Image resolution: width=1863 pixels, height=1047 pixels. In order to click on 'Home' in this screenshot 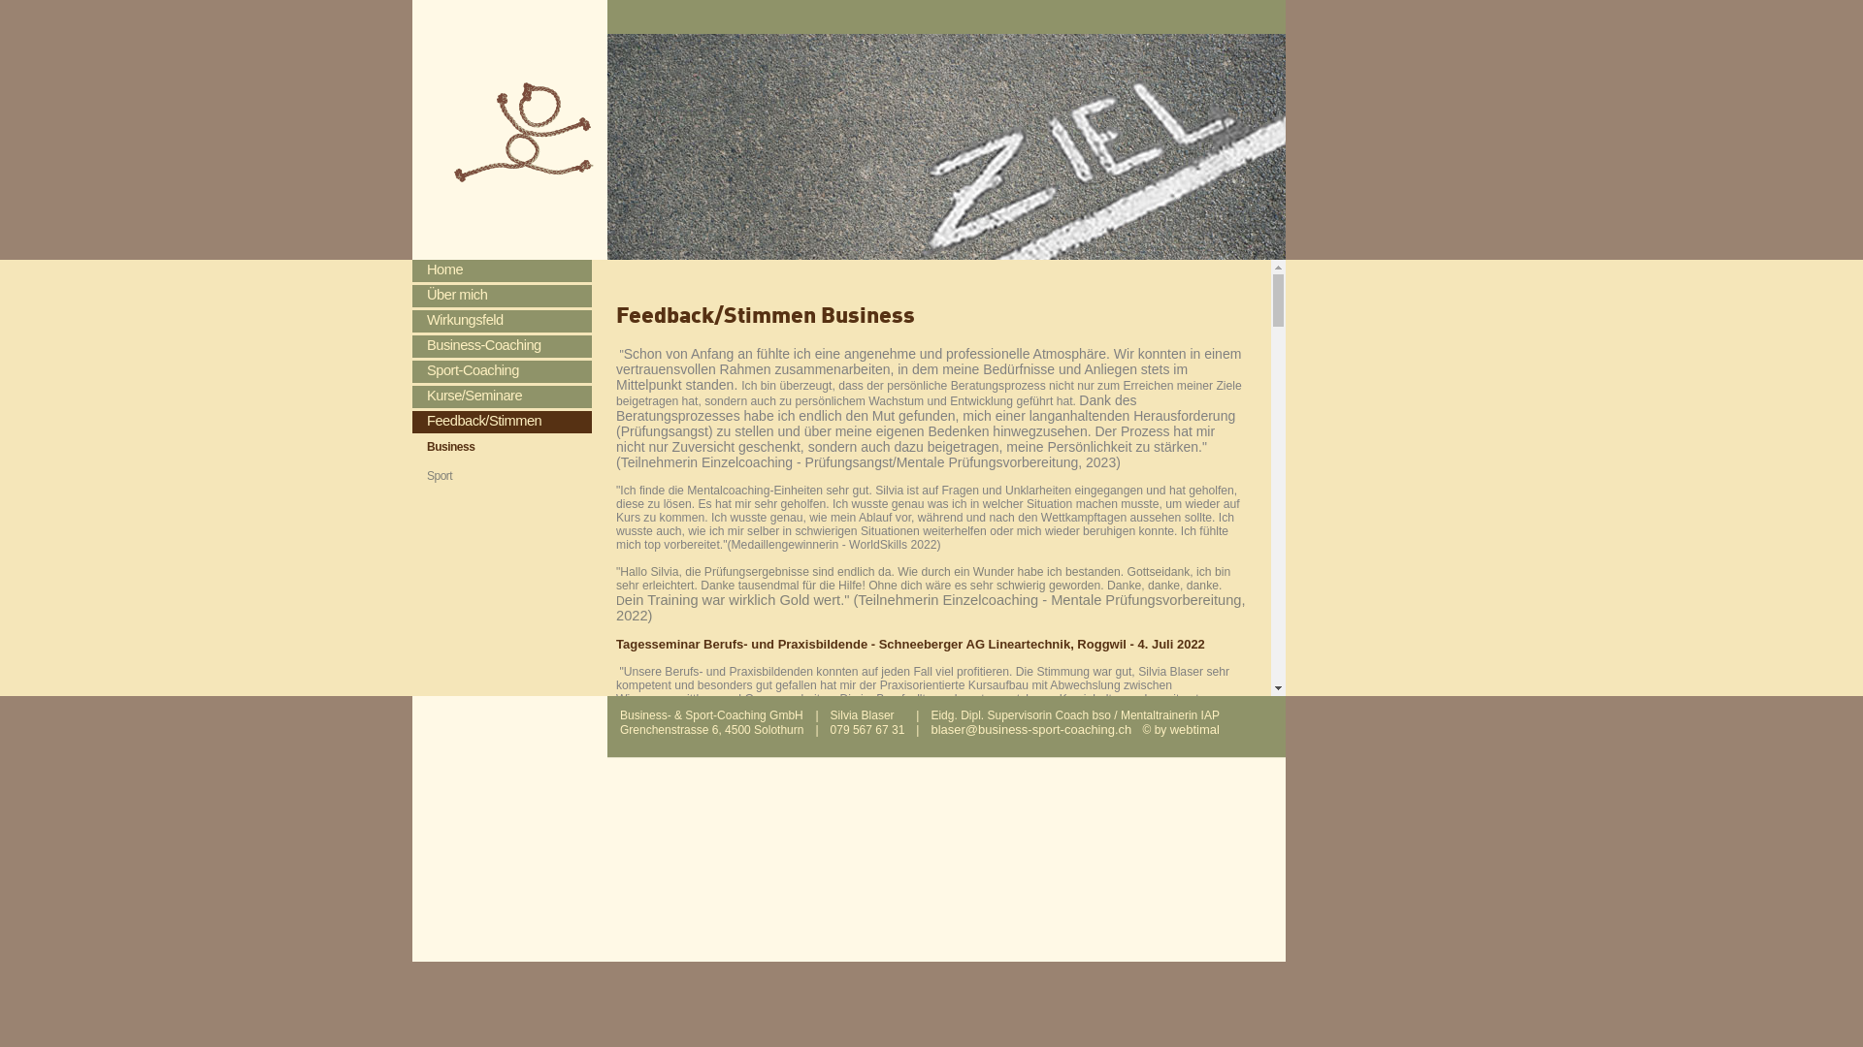, I will do `click(502, 270)`.